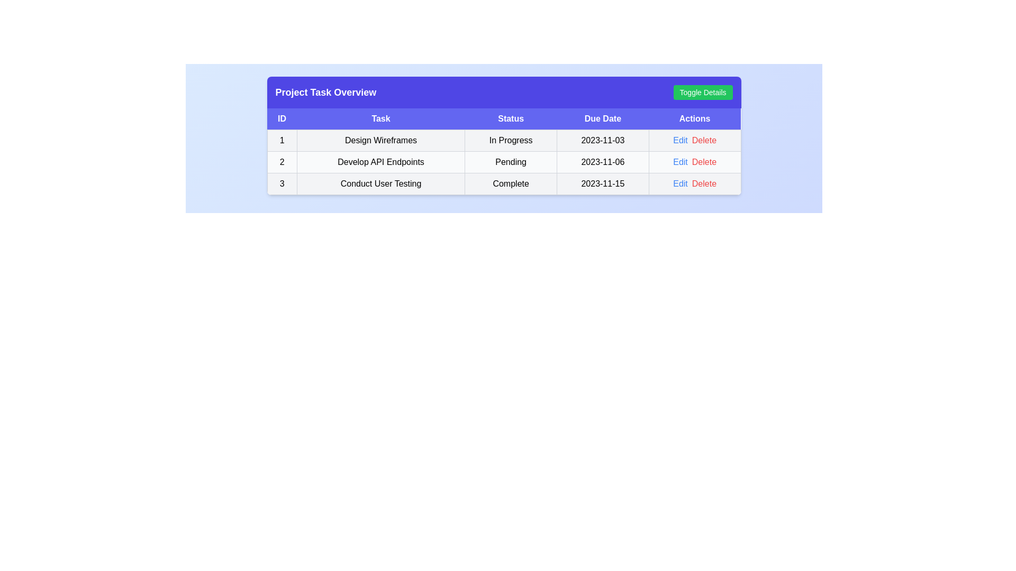 This screenshot has width=1016, height=571. I want to click on the 'Toggle Details' button to toggle the visibility of task details, so click(703, 91).